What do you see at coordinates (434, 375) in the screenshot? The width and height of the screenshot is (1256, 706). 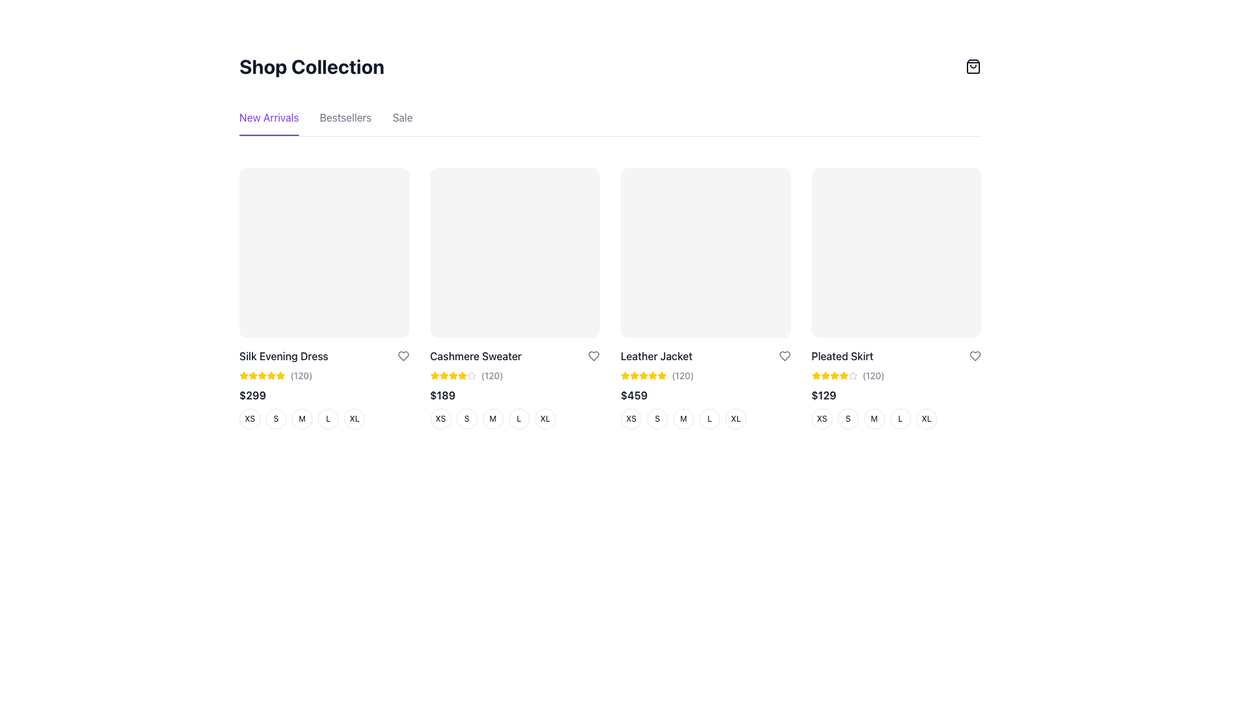 I see `the prominent yellow-colored star icon, which is the first in a group of five stars representing a rating system, located below the text 'Cashmere Sweater' and above '$189'` at bounding box center [434, 375].